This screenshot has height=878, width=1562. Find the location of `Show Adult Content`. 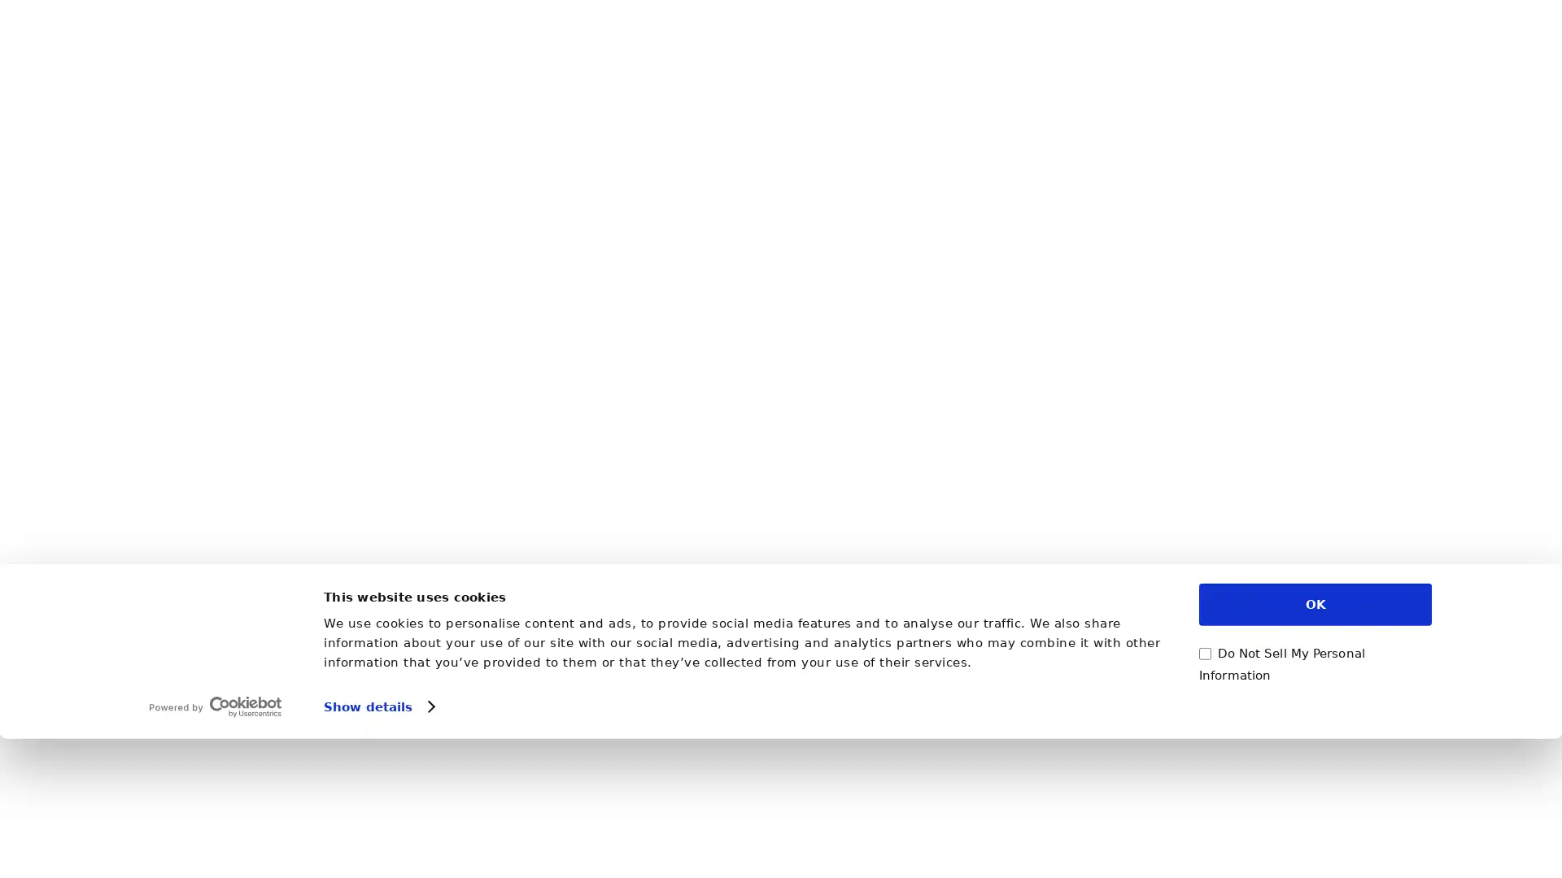

Show Adult Content is located at coordinates (781, 573).